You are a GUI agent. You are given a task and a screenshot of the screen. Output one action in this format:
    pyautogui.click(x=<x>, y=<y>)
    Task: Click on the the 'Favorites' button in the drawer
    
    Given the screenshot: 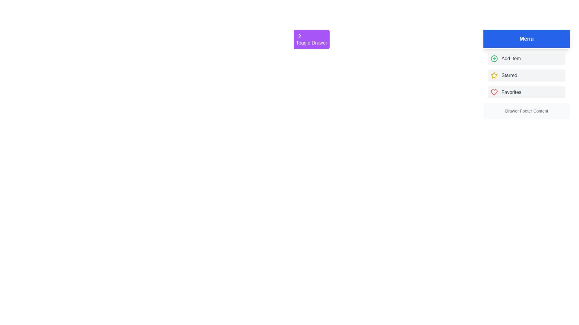 What is the action you would take?
    pyautogui.click(x=526, y=92)
    